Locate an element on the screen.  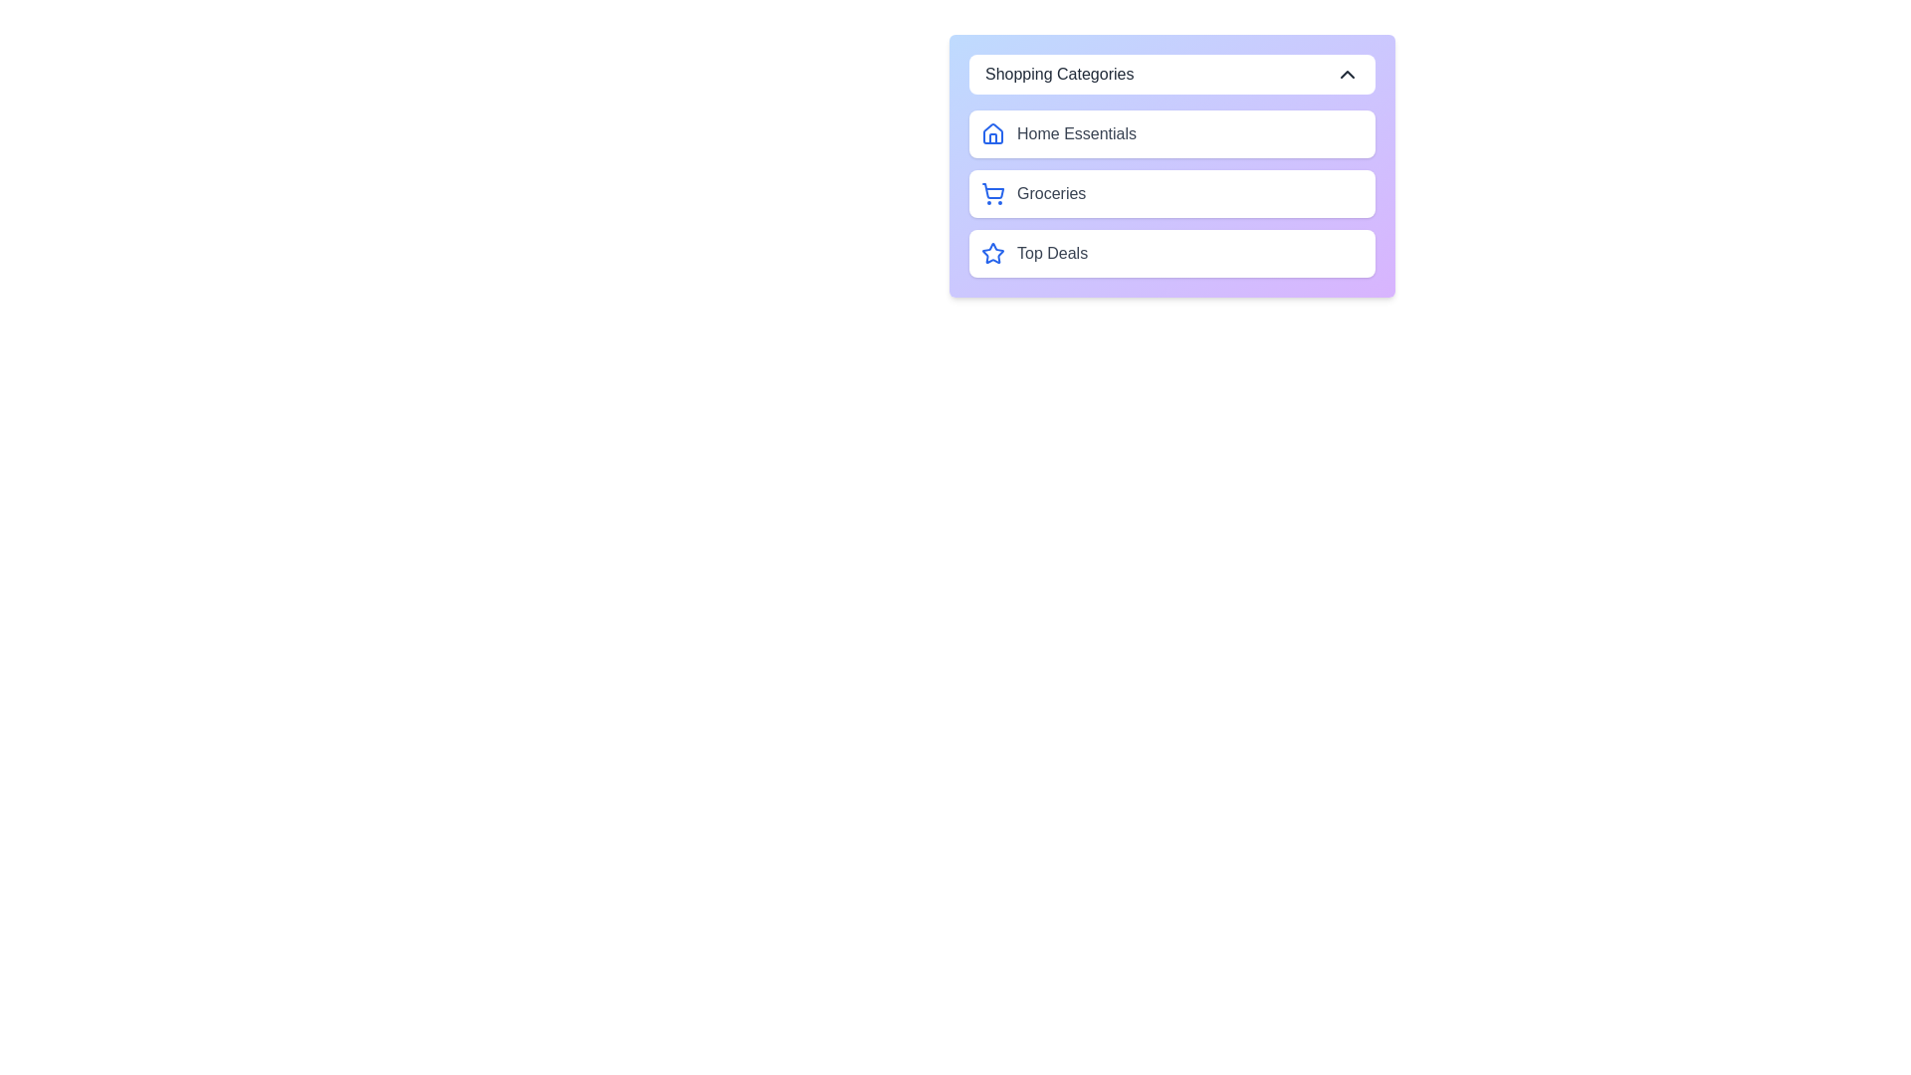
the category Groceries to select it is located at coordinates (1171, 194).